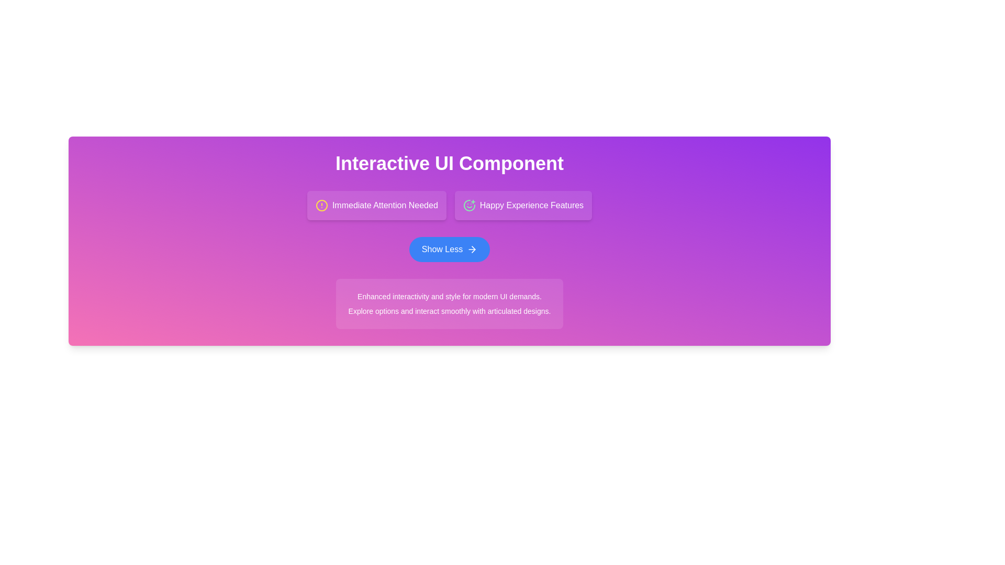  Describe the element at coordinates (376, 206) in the screenshot. I see `the Notification card, which features a warning icon and is the first card in a horizontal layout, to associate the icon with the message` at that location.